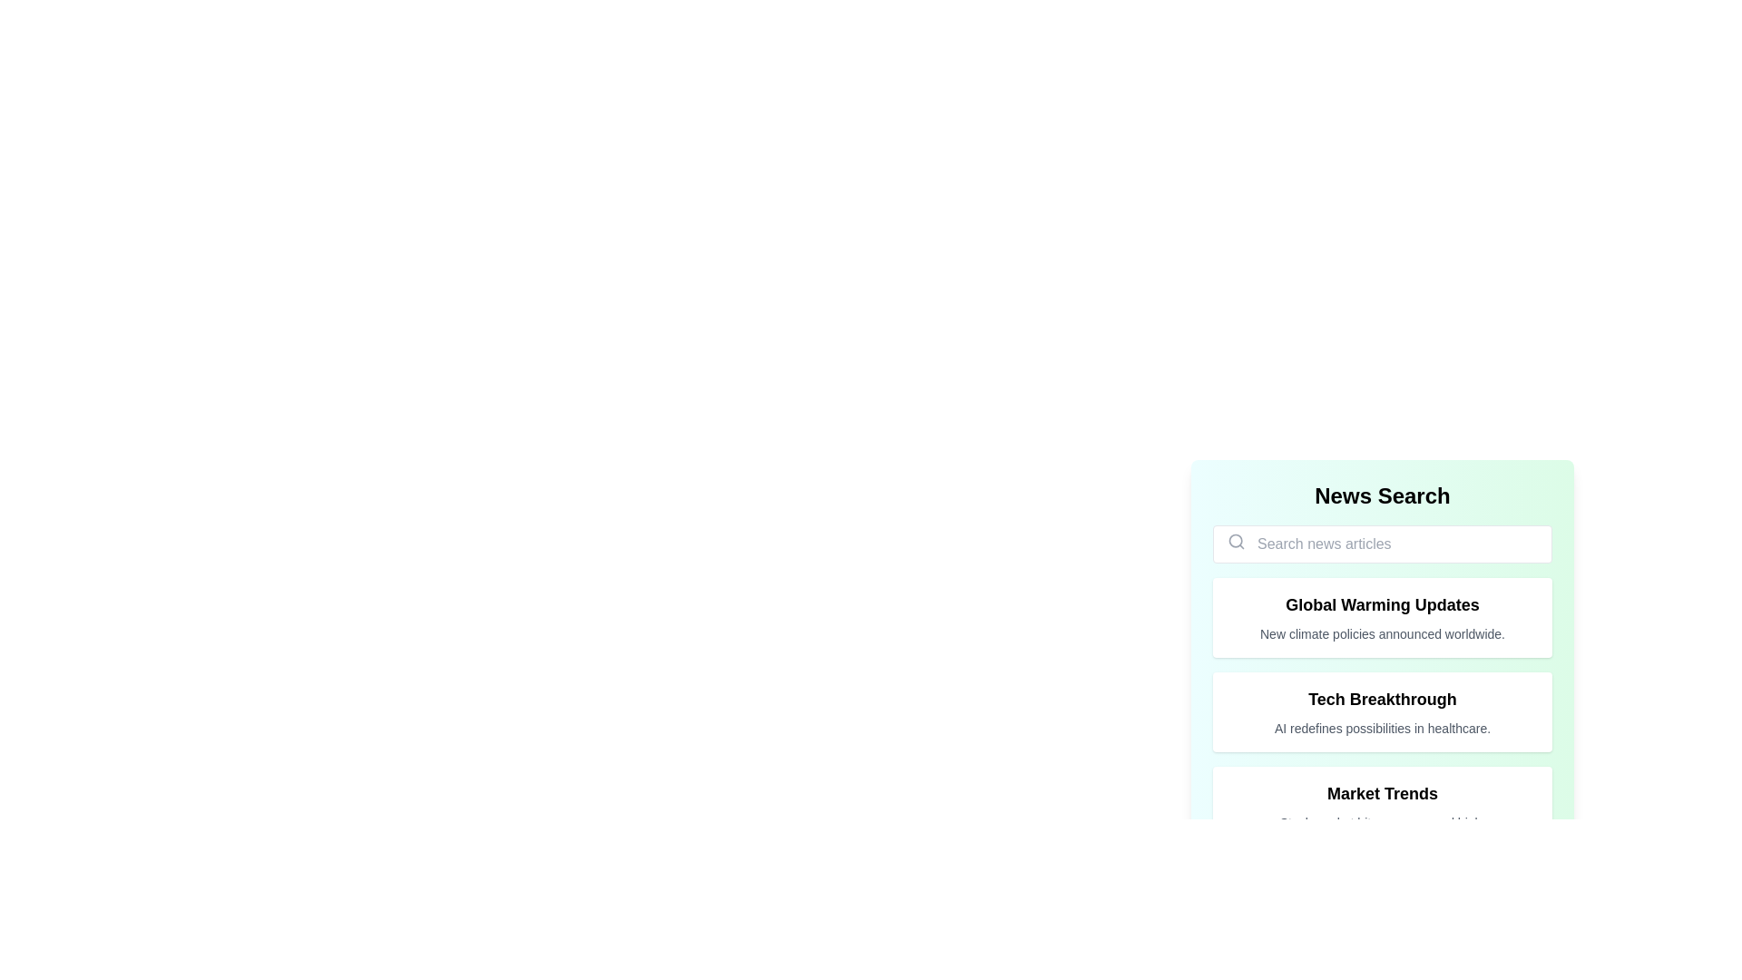 This screenshot has width=1742, height=980. Describe the element at coordinates (1381, 632) in the screenshot. I see `the Text label that provides a subtitle or supporting description under the header 'Global Warming Updates' in the second section of the interface` at that location.